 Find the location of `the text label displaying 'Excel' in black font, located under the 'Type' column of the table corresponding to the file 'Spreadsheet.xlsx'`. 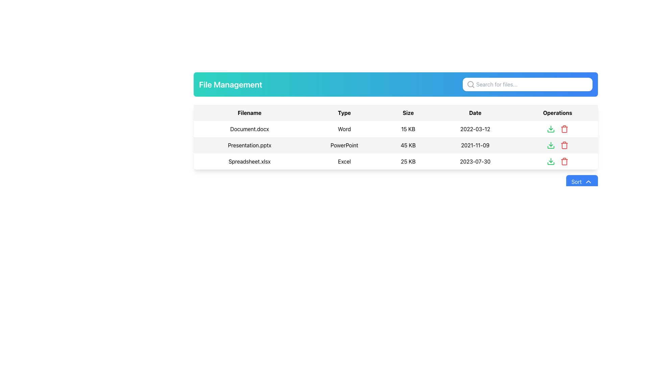

the text label displaying 'Excel' in black font, located under the 'Type' column of the table corresponding to the file 'Spreadsheet.xlsx' is located at coordinates (344, 162).